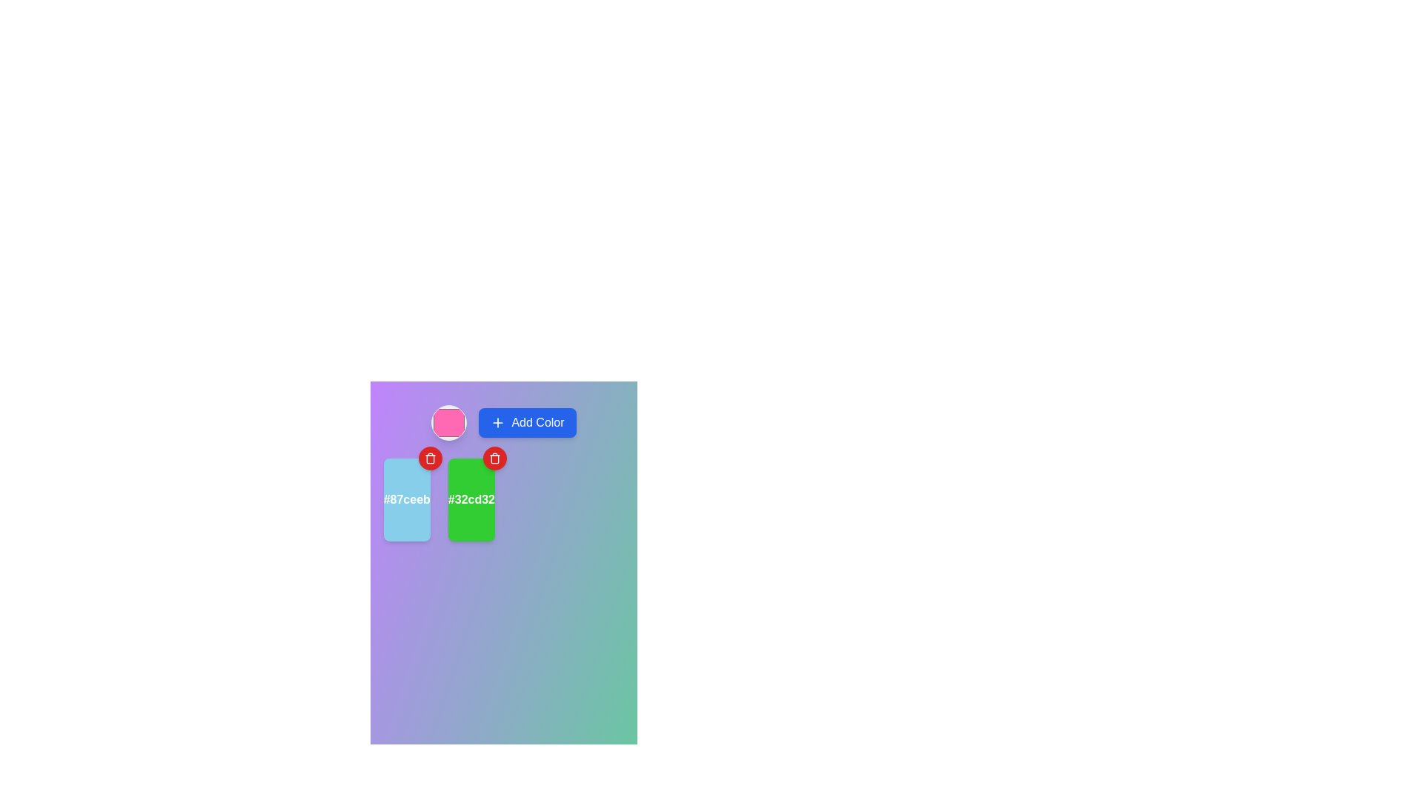 This screenshot has height=800, width=1423. I want to click on the Text Display Box that displays the color code #87ceeb, so click(407, 500).